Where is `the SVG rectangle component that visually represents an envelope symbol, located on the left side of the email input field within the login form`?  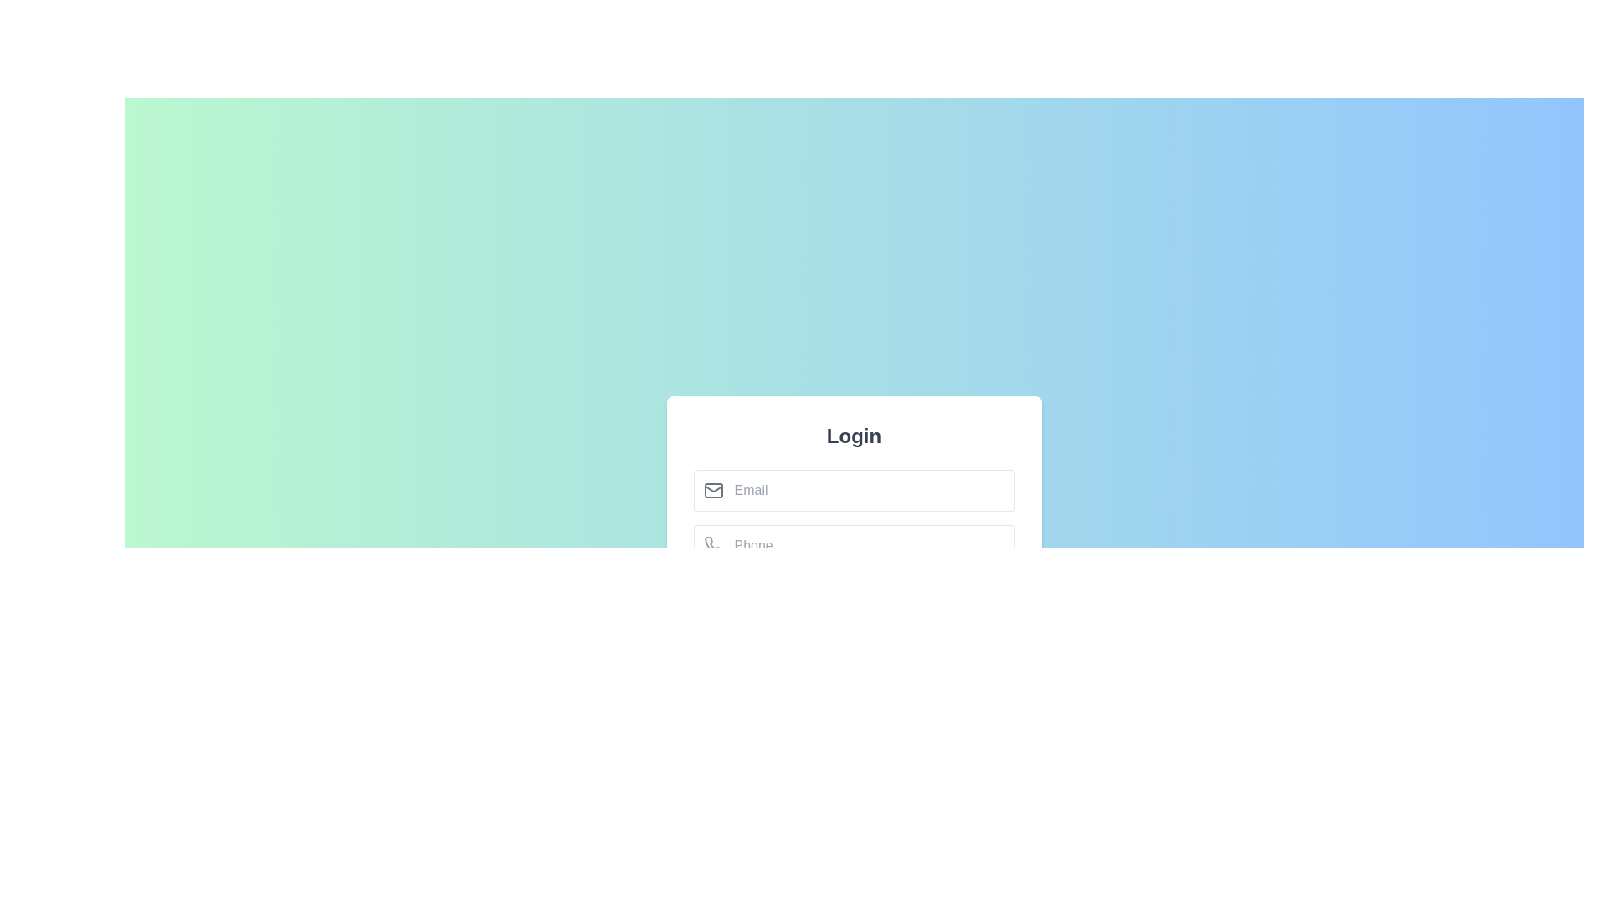
the SVG rectangle component that visually represents an envelope symbol, located on the left side of the email input field within the login form is located at coordinates (713, 489).